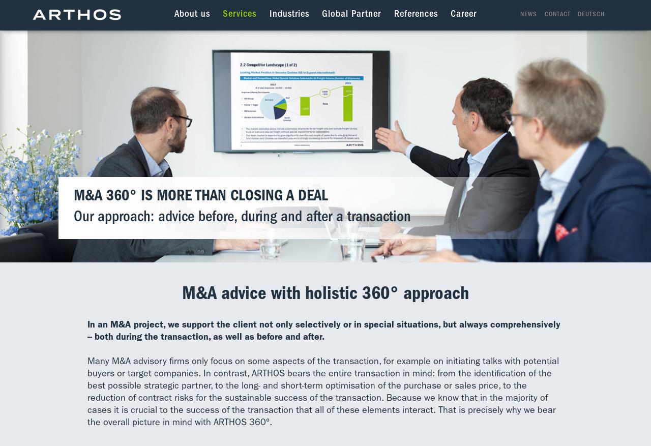 The height and width of the screenshot is (446, 651). Describe the element at coordinates (590, 14) in the screenshot. I see `'Deutsch'` at that location.